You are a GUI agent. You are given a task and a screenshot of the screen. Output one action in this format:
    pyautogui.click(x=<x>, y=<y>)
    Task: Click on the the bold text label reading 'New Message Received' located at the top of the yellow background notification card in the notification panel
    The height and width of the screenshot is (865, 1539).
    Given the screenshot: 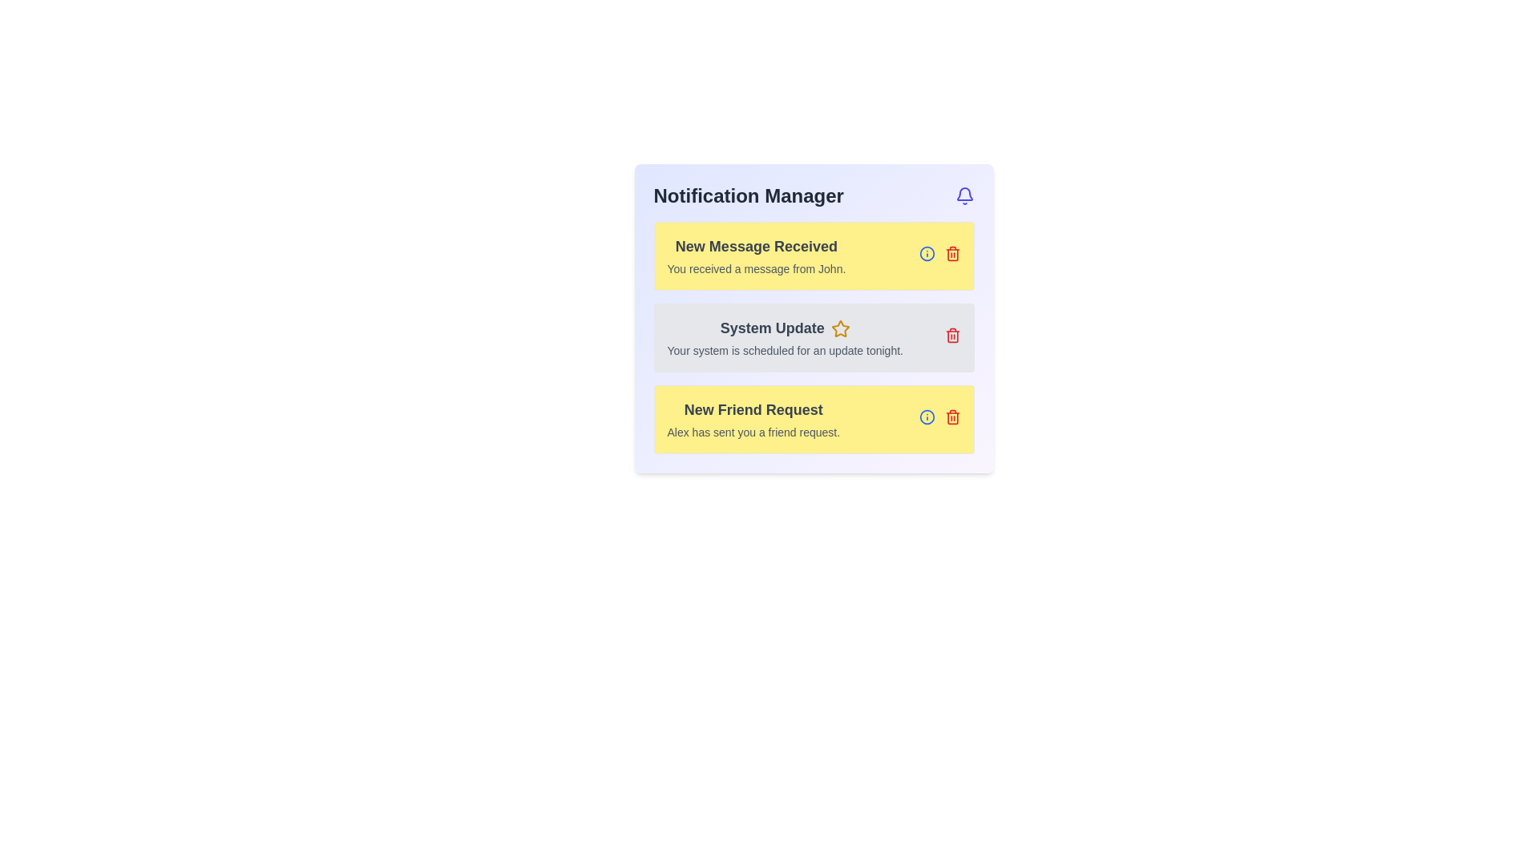 What is the action you would take?
    pyautogui.click(x=755, y=247)
    